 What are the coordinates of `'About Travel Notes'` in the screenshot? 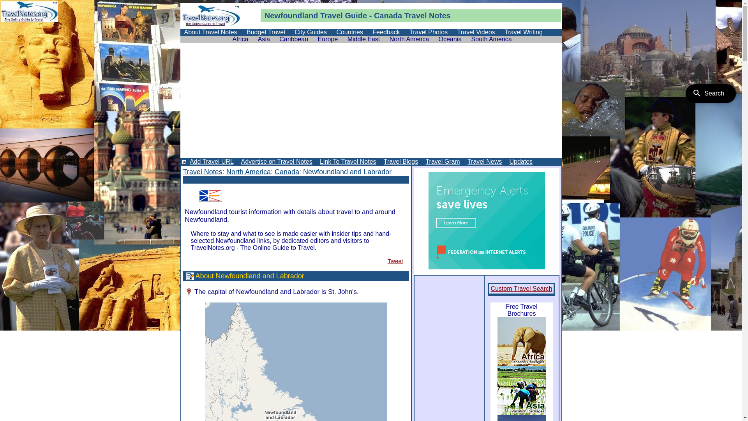 It's located at (210, 32).